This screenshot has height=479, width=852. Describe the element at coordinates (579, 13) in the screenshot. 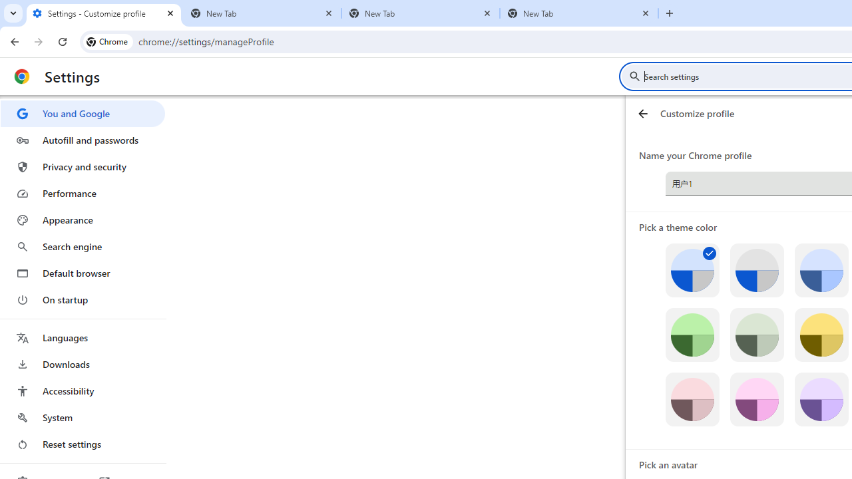

I see `'New Tab'` at that location.